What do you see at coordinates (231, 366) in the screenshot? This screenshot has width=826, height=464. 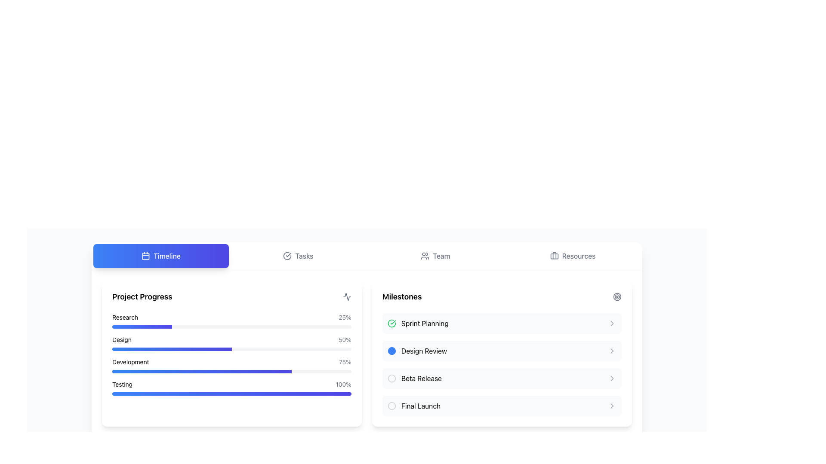 I see `accessibility features of the 'Development' progress bar element, which displays '75%' completion in a gradient blue to indigo bar, located in the 'Project Progress' list as the third item` at bounding box center [231, 366].